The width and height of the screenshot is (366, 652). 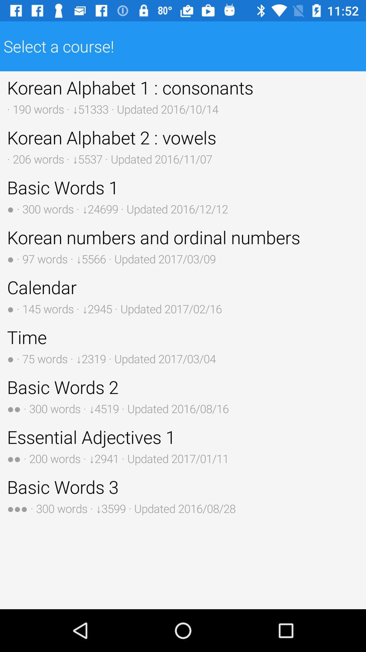 I want to click on icon below korean numbers and, so click(x=183, y=296).